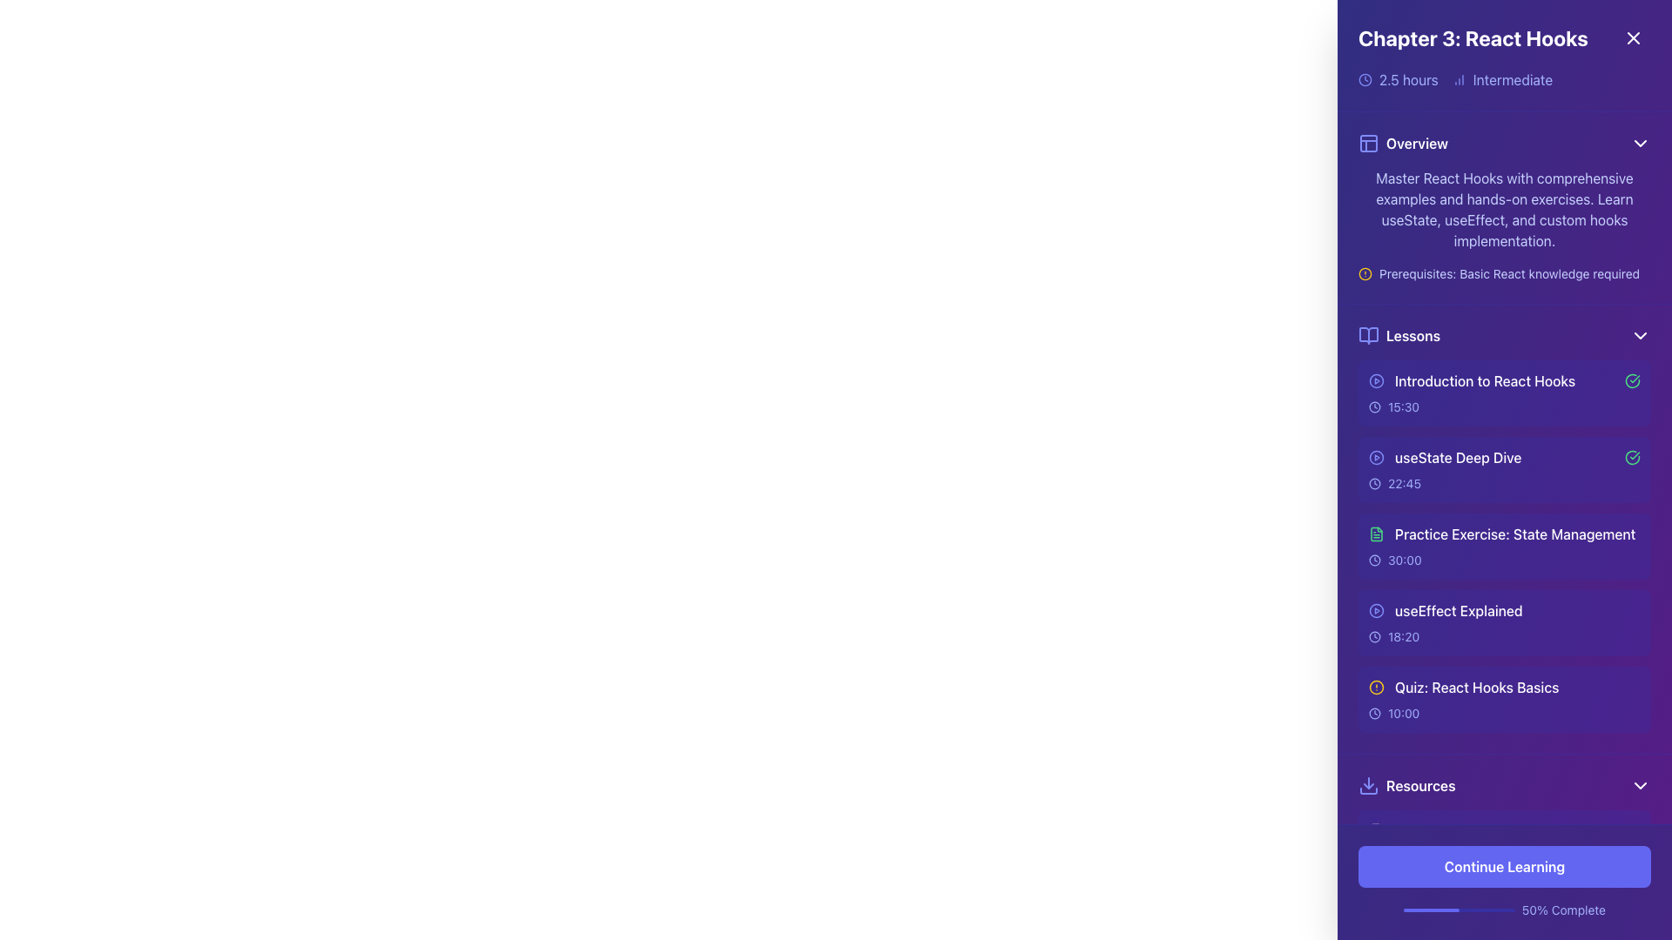 Image resolution: width=1672 pixels, height=940 pixels. I want to click on the list item containing an icon and text for the 'Practice Exercise: State Management' section located, so click(1501, 533).